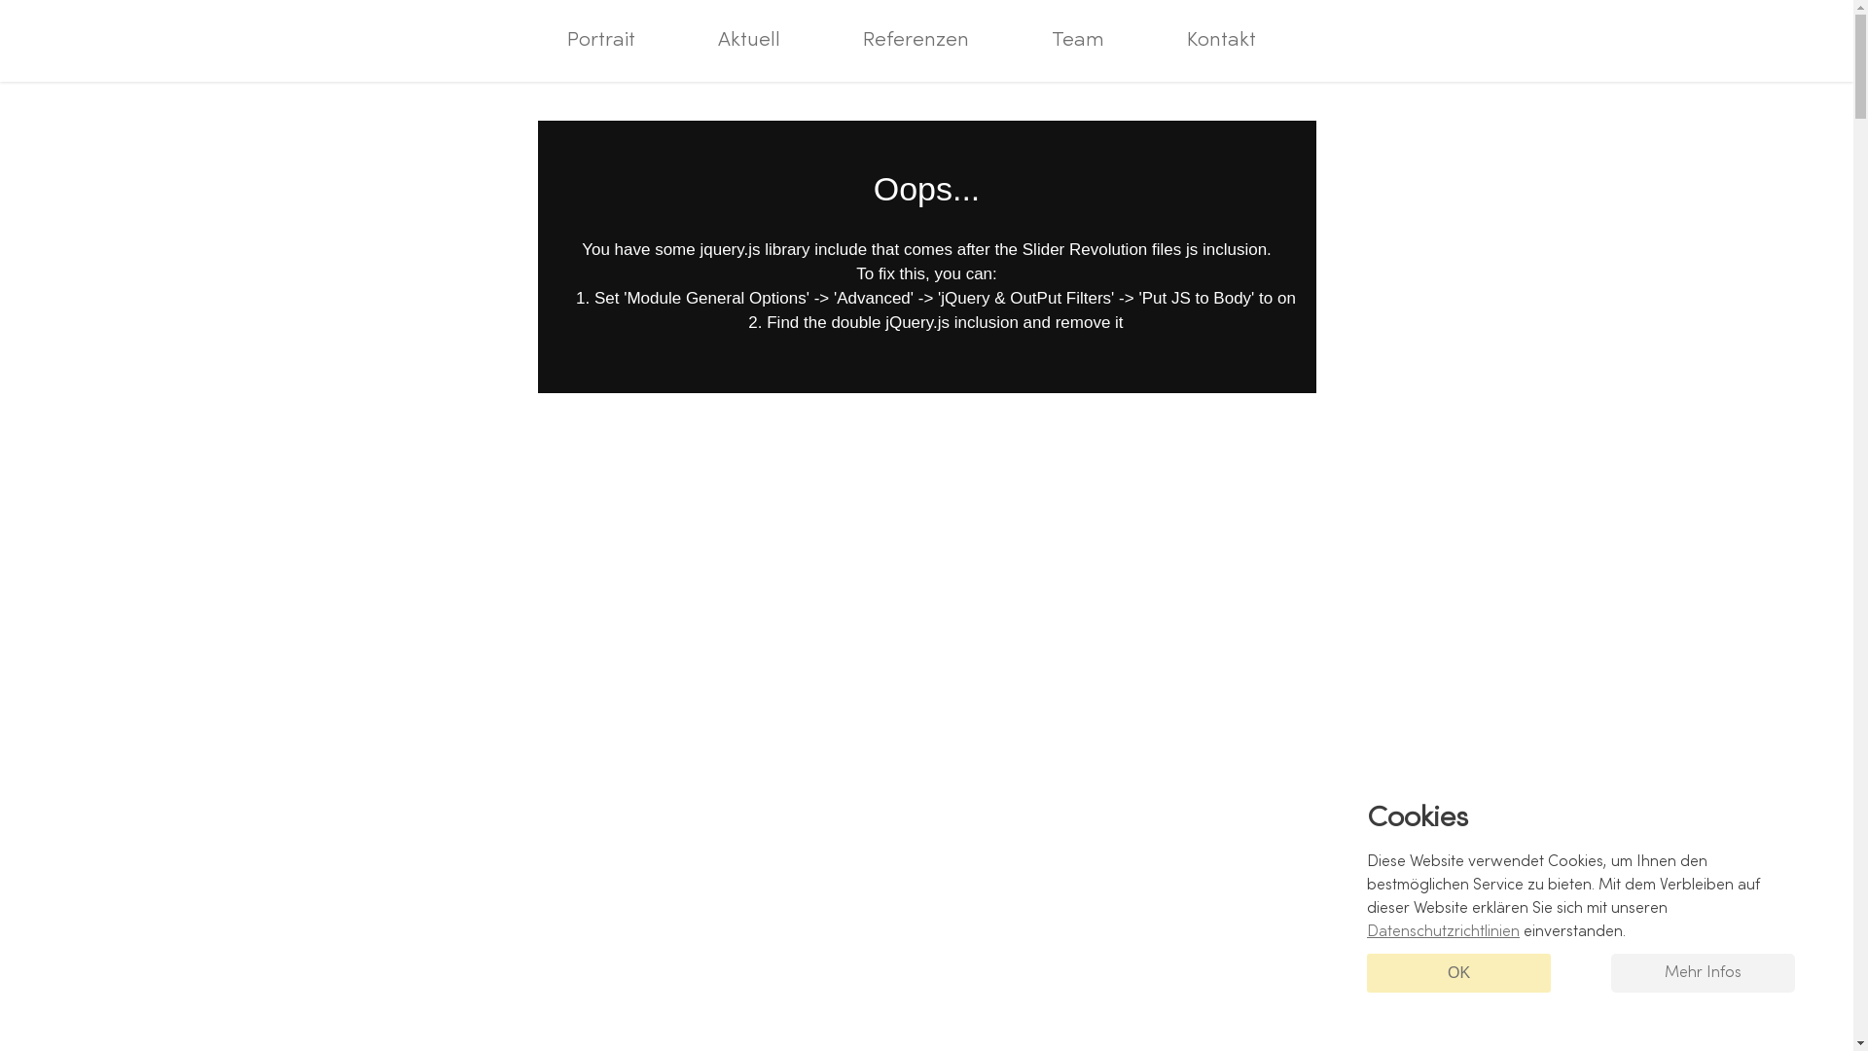 Image resolution: width=1868 pixels, height=1051 pixels. I want to click on 'OK', so click(1458, 972).